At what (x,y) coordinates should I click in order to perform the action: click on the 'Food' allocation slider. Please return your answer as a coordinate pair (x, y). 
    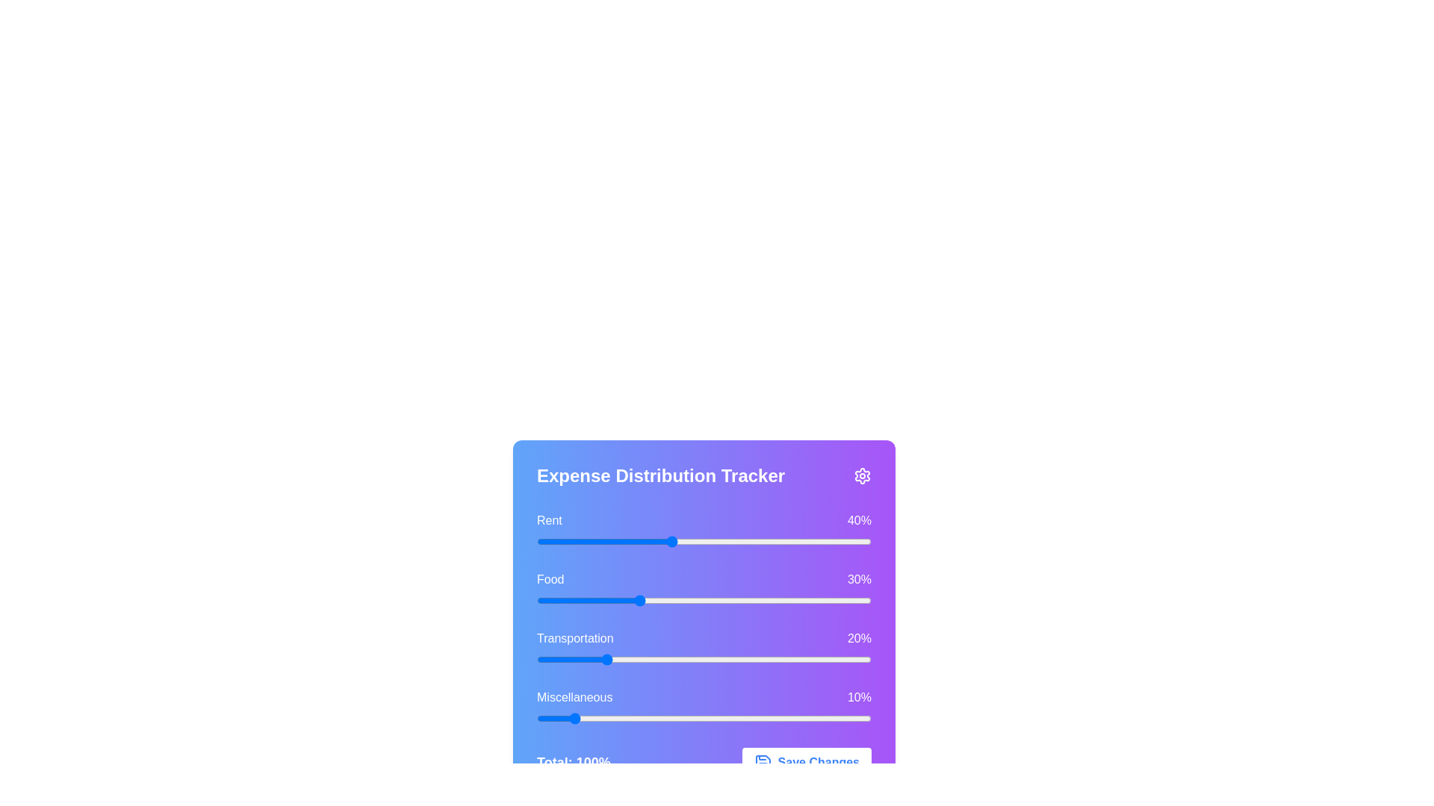
    Looking at the image, I should click on (617, 600).